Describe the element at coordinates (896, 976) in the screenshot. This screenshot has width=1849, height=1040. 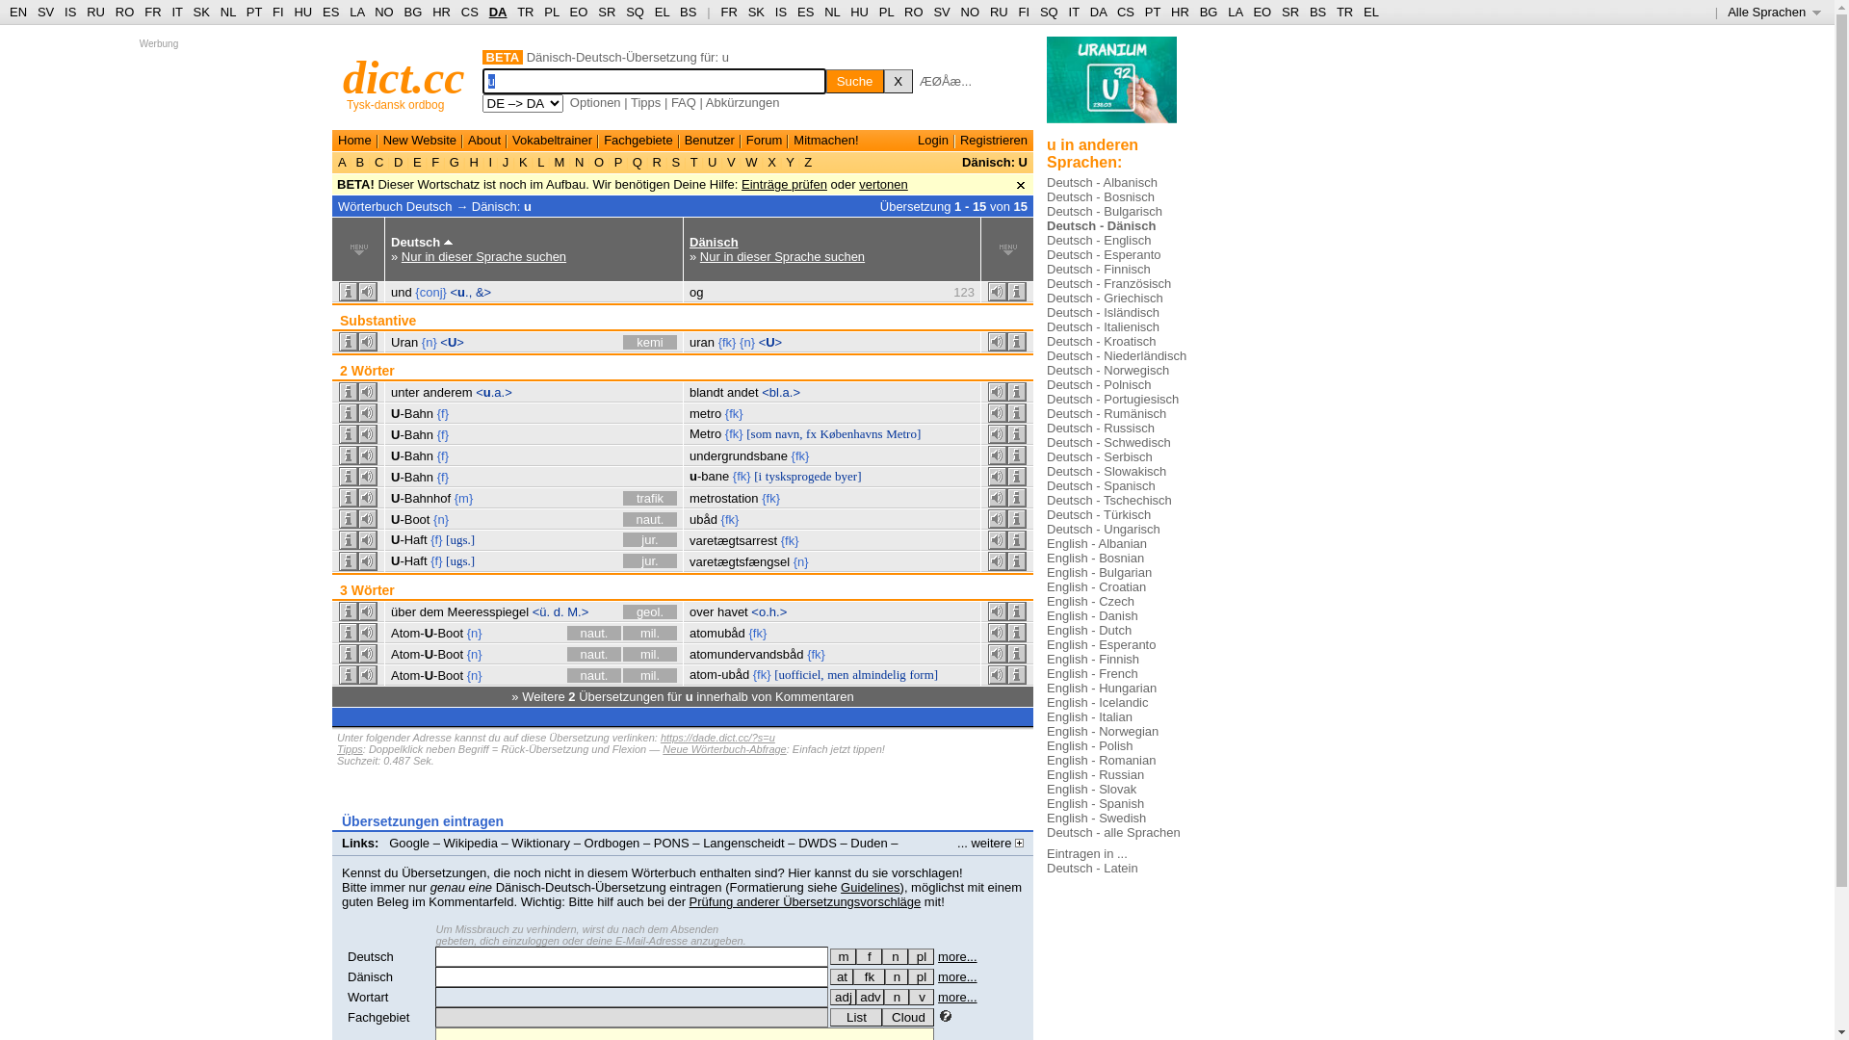
I see `'n'` at that location.